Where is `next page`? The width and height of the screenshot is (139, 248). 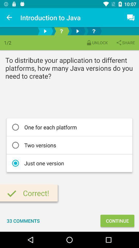
next page is located at coordinates (45, 31).